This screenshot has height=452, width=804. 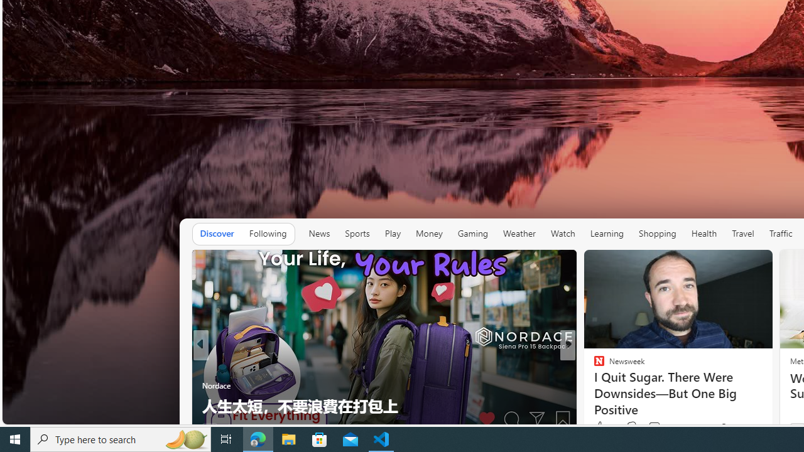 What do you see at coordinates (704, 233) in the screenshot?
I see `'Health'` at bounding box center [704, 233].